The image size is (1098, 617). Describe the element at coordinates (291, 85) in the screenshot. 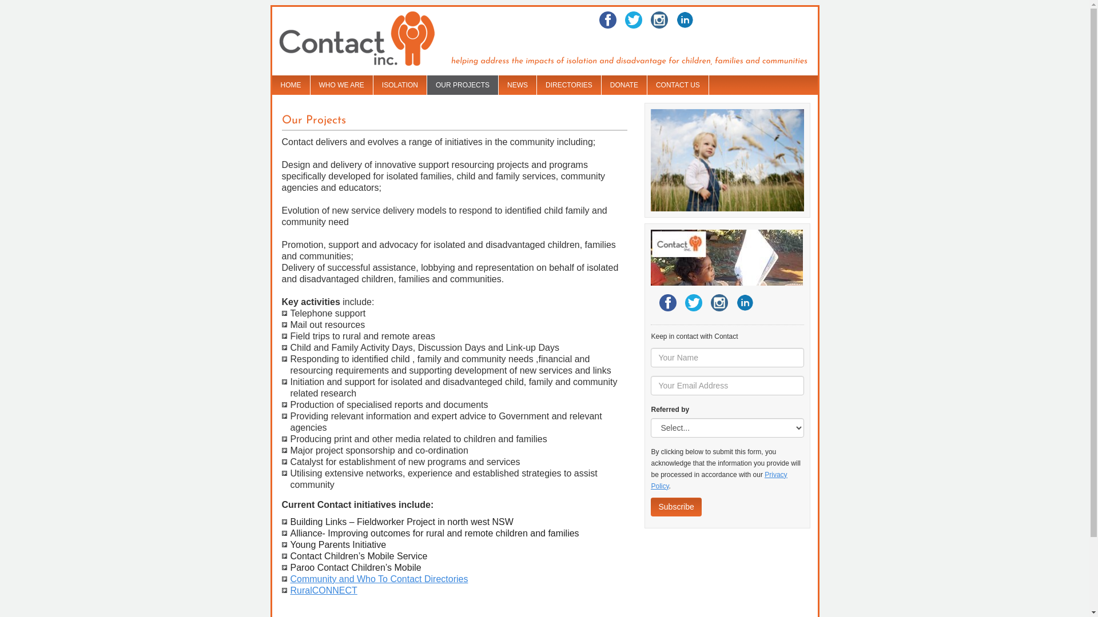

I see `'HOME'` at that location.